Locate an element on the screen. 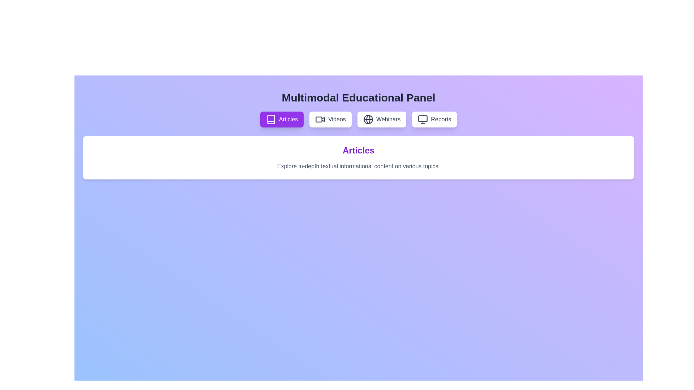  the minimalistic book icon is located at coordinates (270, 119).